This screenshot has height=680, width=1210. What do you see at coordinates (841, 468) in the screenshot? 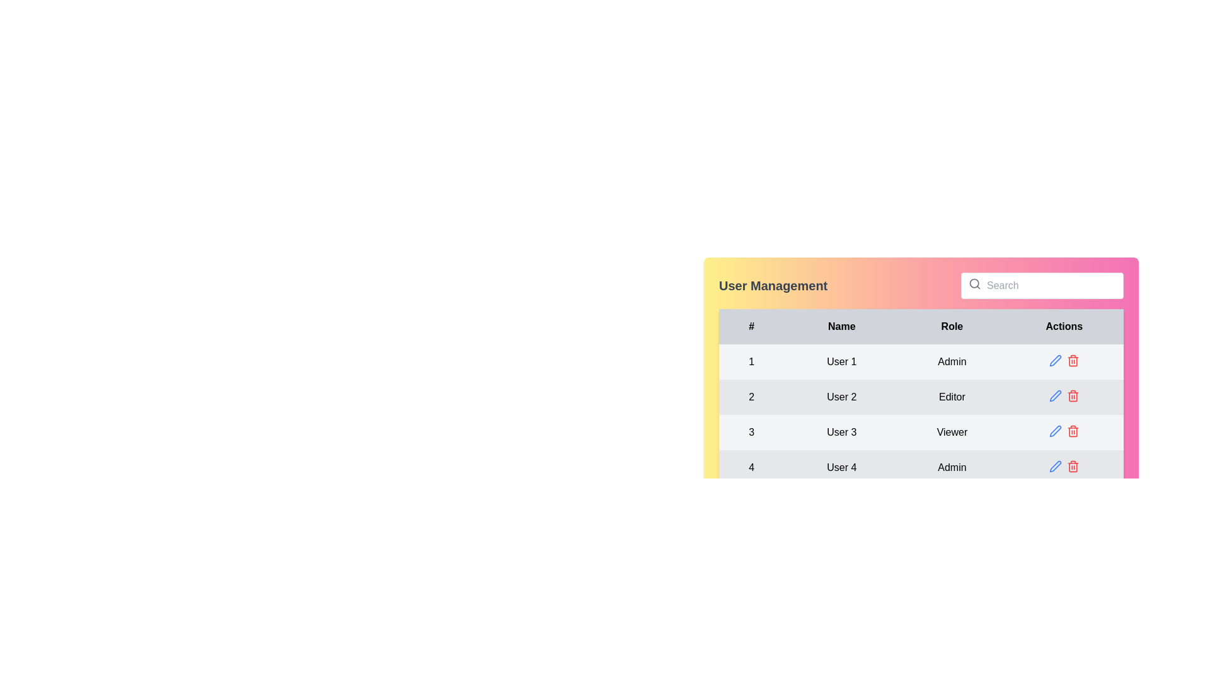
I see `the static text element displaying 'User 4' in the fourth row of the table under the 'Name' column` at bounding box center [841, 468].